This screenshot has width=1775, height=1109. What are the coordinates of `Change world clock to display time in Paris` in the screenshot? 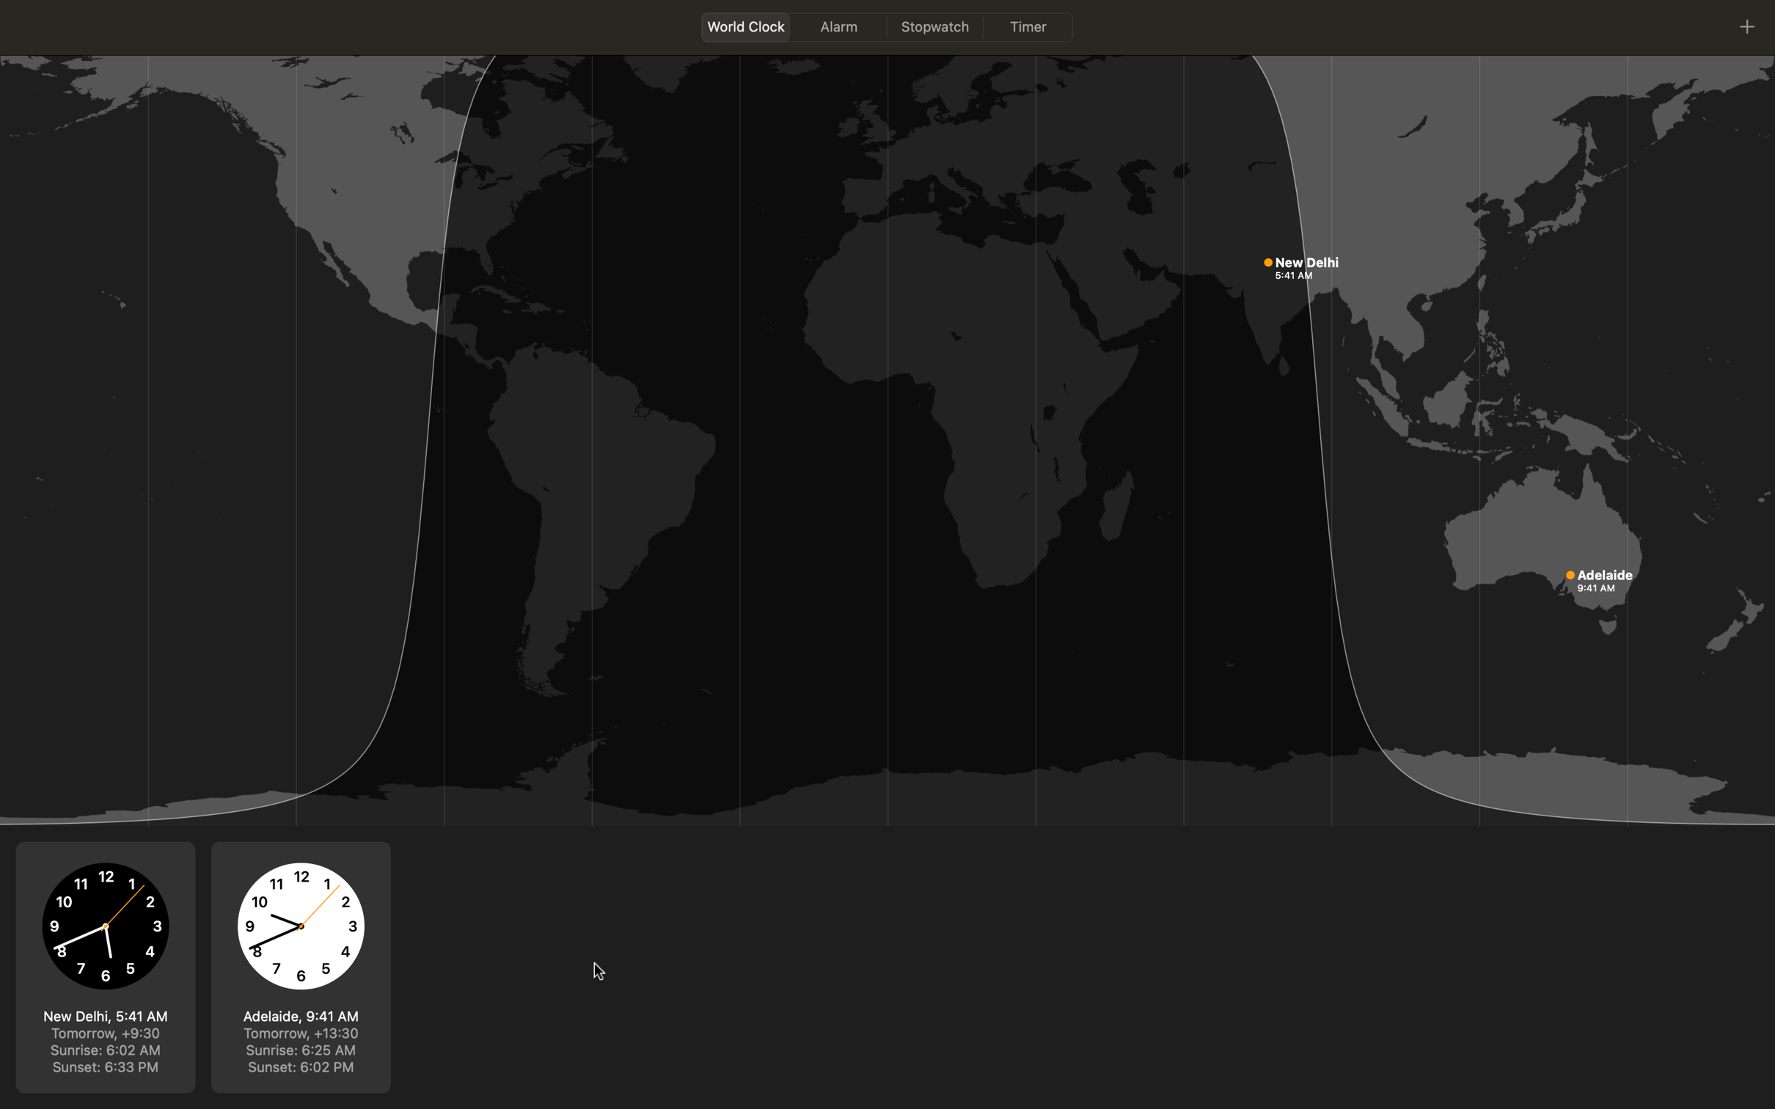 It's located at (1746, 24).